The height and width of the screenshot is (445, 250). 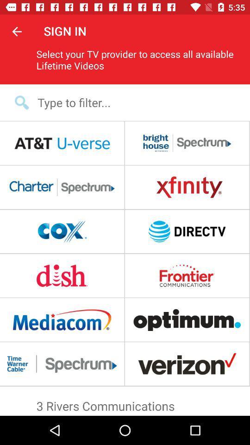 What do you see at coordinates (17, 31) in the screenshot?
I see `the icon to the left of the select your tv` at bounding box center [17, 31].